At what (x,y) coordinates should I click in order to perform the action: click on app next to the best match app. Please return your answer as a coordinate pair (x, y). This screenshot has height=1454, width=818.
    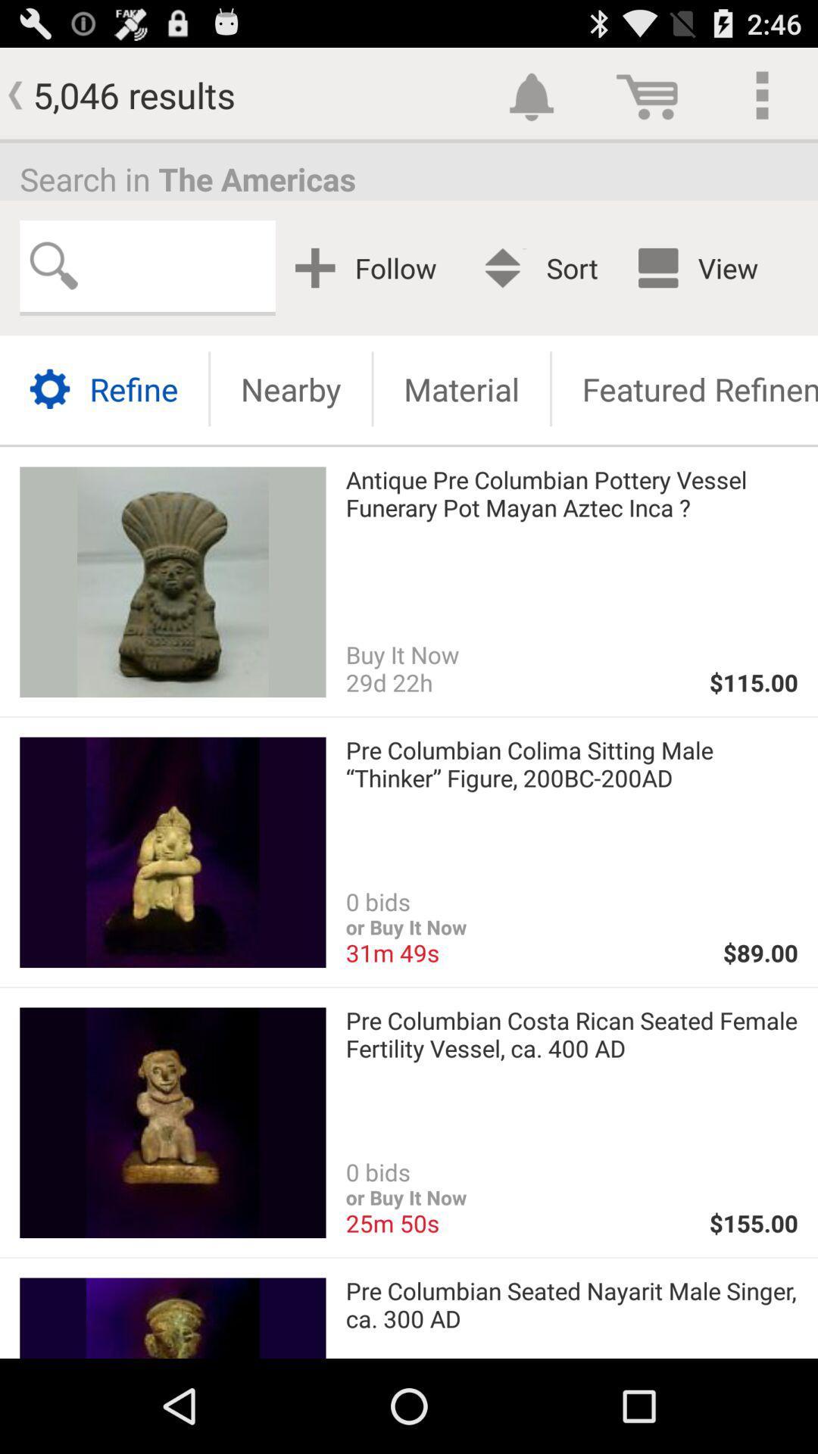
    Looking at the image, I should click on (371, 268).